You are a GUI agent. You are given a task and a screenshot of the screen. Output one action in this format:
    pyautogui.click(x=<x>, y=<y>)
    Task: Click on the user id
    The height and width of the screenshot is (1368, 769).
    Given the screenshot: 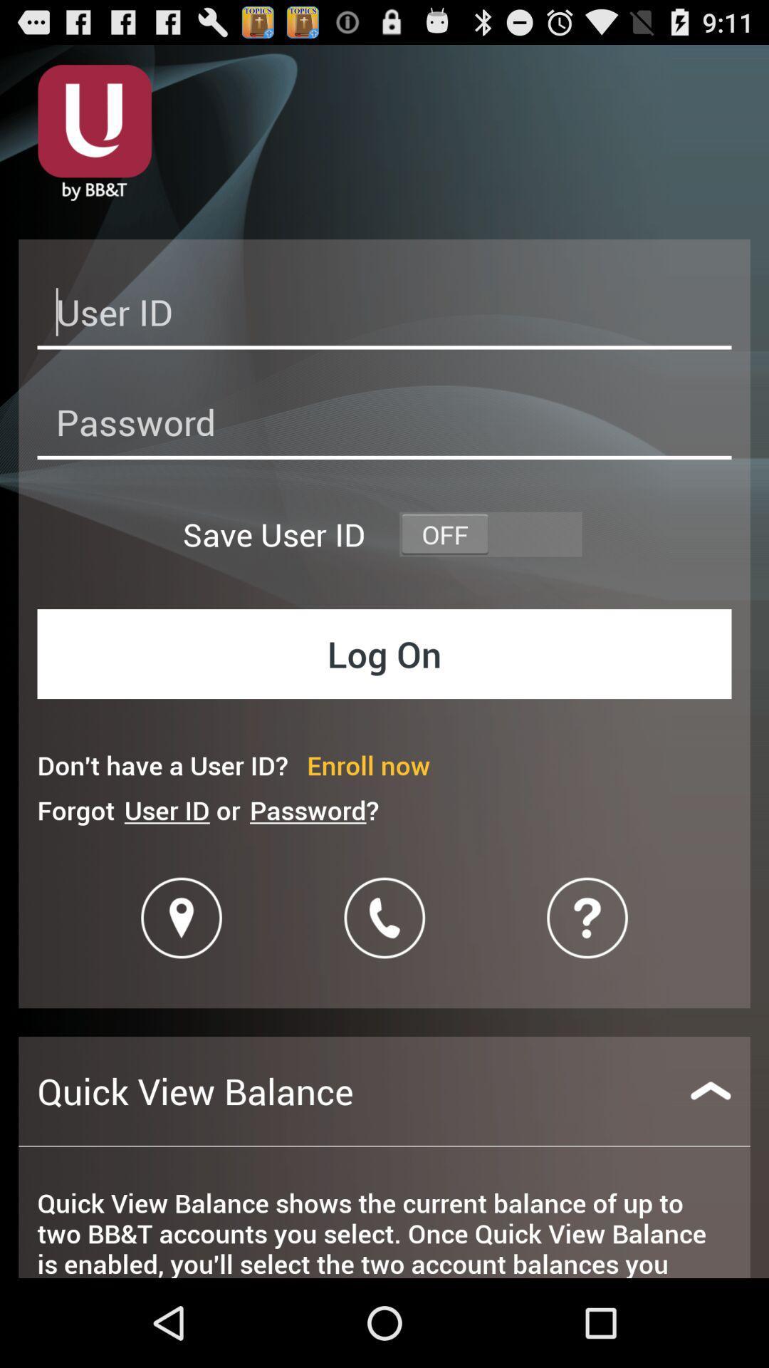 What is the action you would take?
    pyautogui.click(x=384, y=316)
    